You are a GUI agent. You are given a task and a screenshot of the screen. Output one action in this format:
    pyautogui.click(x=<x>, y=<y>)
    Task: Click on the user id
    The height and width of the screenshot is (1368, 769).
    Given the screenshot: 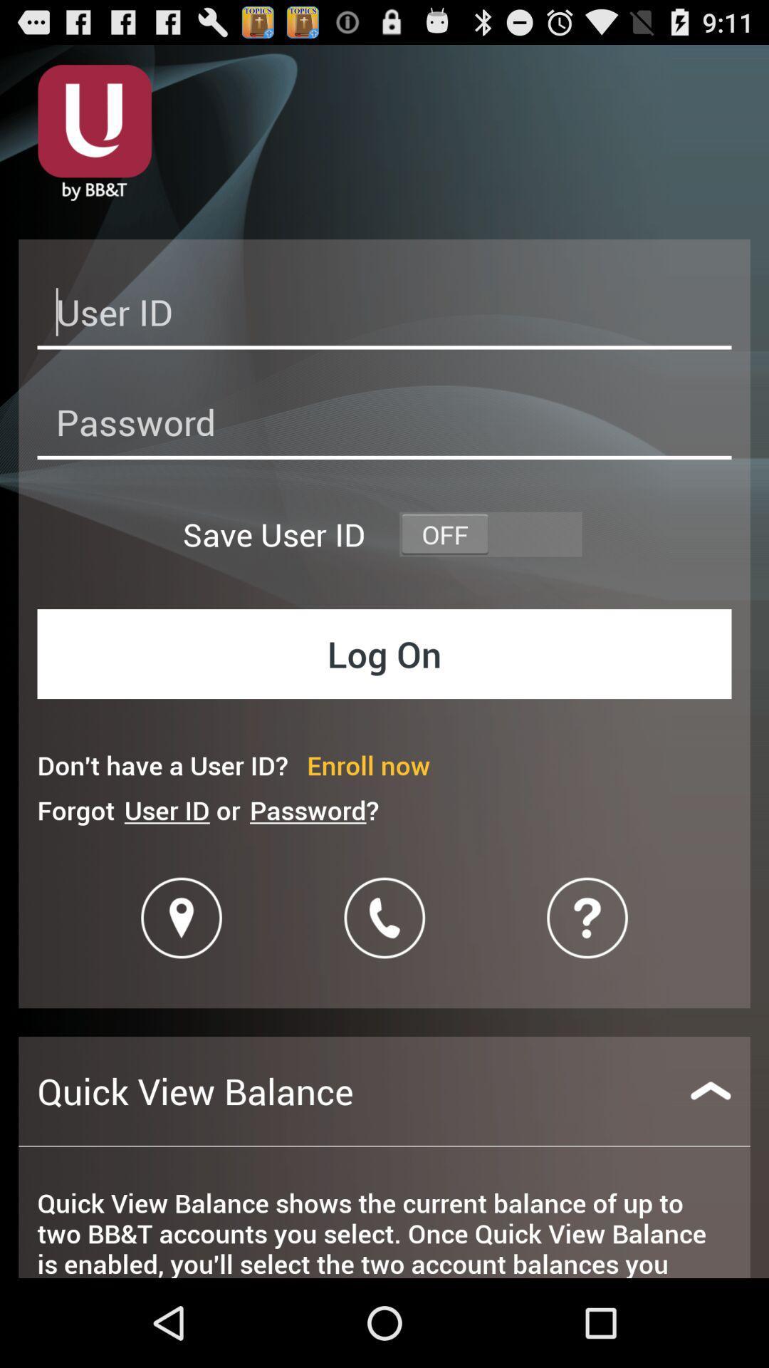 What is the action you would take?
    pyautogui.click(x=384, y=316)
    